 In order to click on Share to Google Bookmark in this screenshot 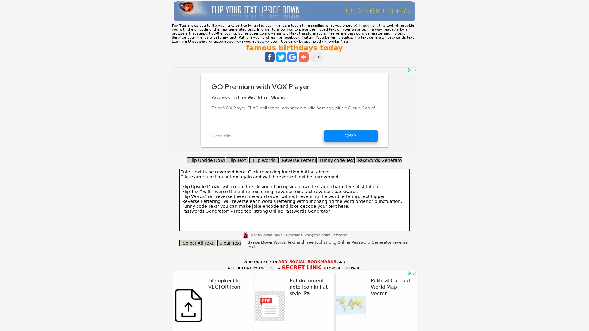, I will do `click(292, 57)`.